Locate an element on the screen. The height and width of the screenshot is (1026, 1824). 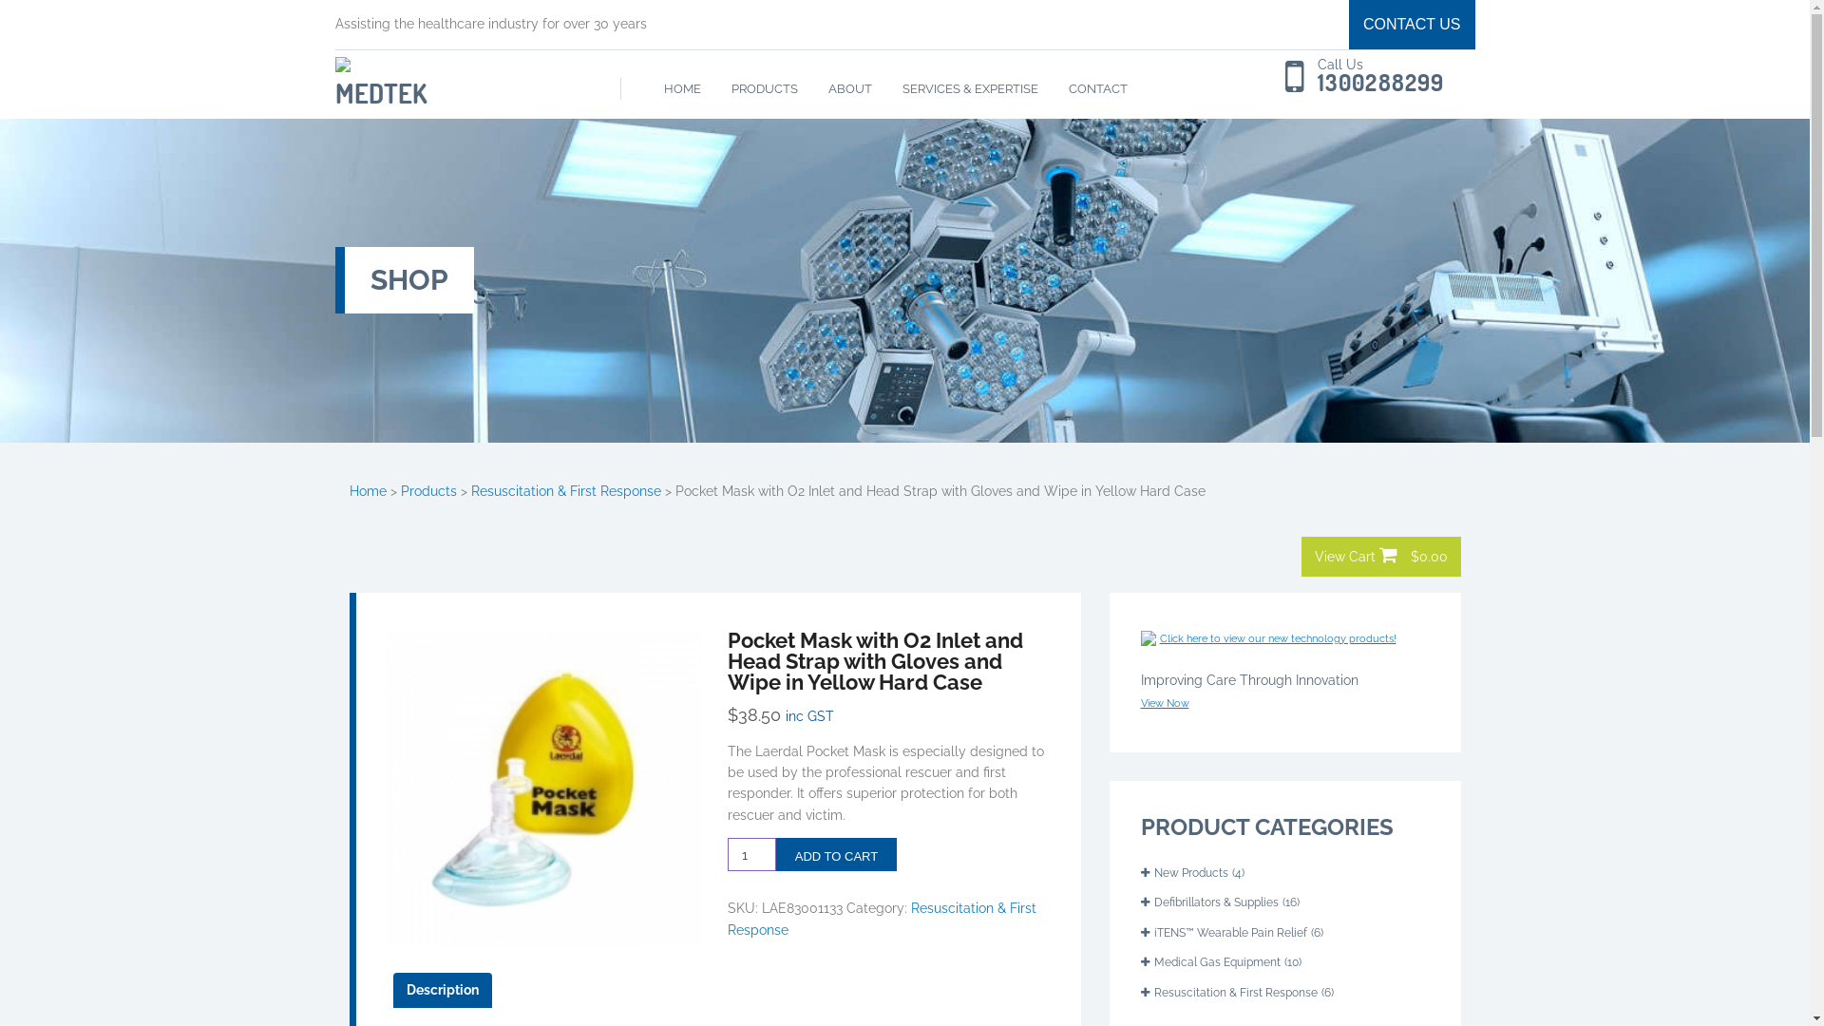
'PRODUCTS' is located at coordinates (765, 88).